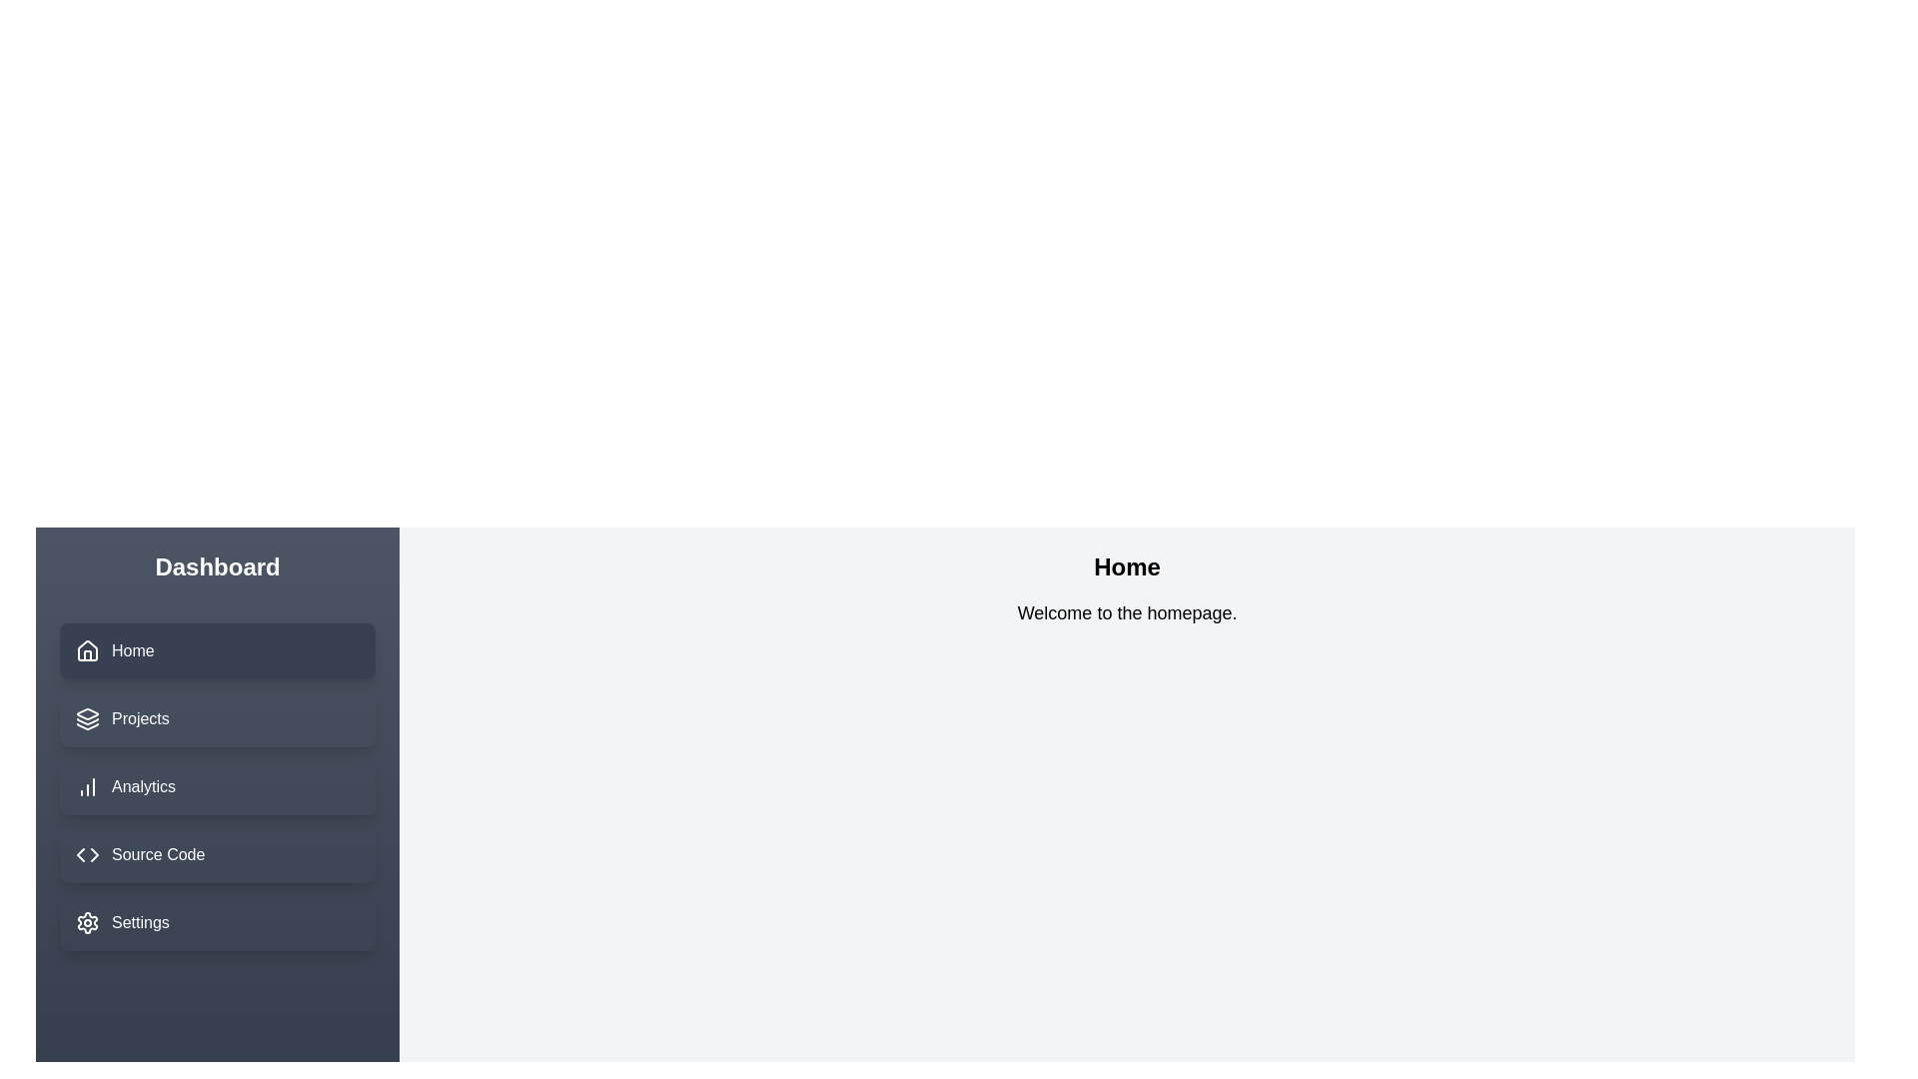 Image resolution: width=1918 pixels, height=1079 pixels. What do you see at coordinates (217, 785) in the screenshot?
I see `the highlighted 'Analytics' item` at bounding box center [217, 785].